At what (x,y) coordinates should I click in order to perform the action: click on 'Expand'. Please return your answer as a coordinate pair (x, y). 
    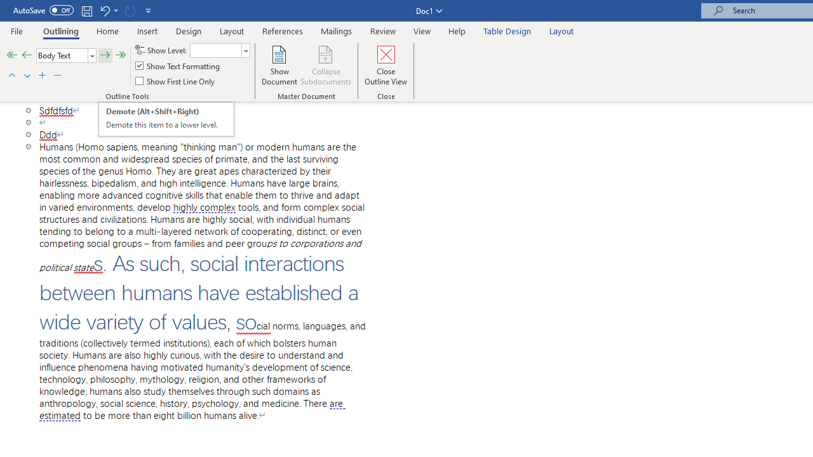
    Looking at the image, I should click on (43, 76).